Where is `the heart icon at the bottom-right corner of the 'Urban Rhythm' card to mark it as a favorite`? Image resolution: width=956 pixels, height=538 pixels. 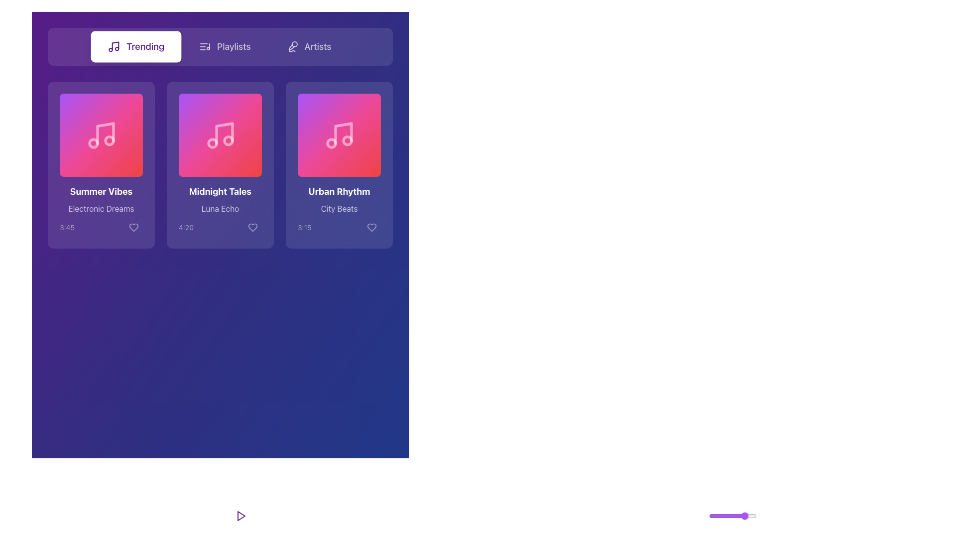
the heart icon at the bottom-right corner of the 'Urban Rhythm' card to mark it as a favorite is located at coordinates (371, 227).